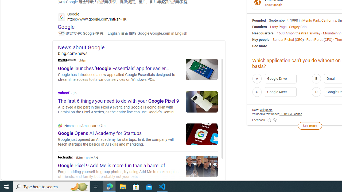 Image resolution: width=342 pixels, height=192 pixels. I want to click on '1600 Amphitheatre Parkway', so click(298, 33).